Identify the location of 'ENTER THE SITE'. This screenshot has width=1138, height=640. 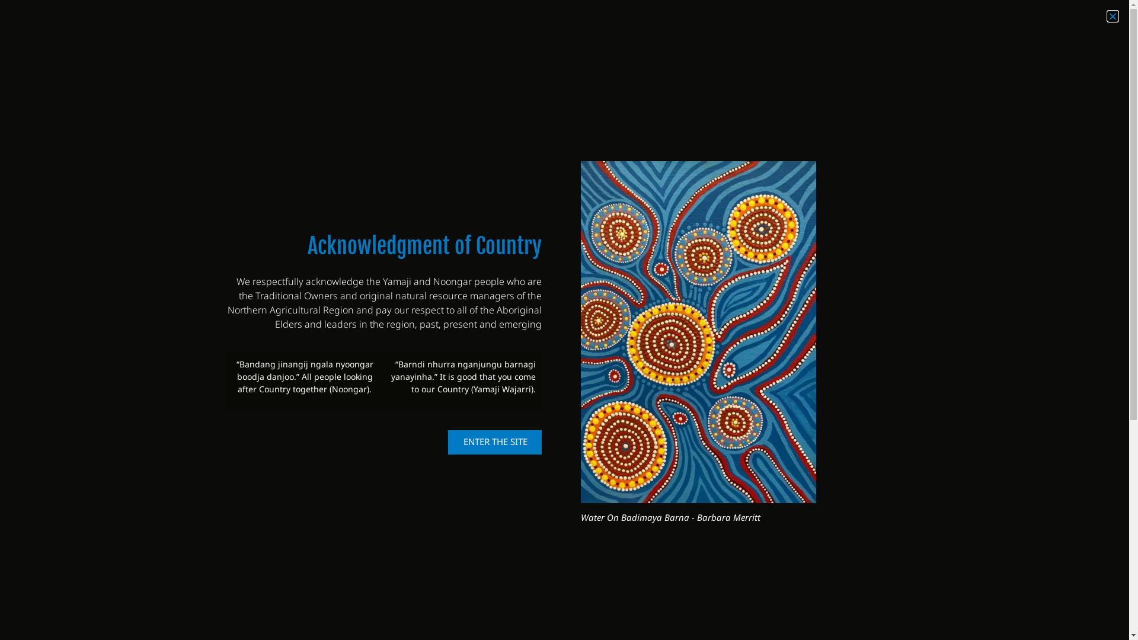
(495, 442).